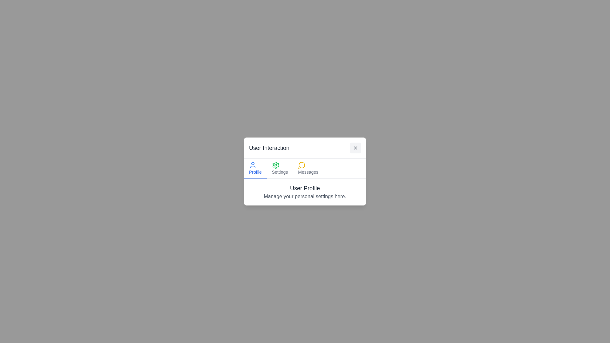  I want to click on the circular speech bubble icon button, which is styled in yellow and located above the 'Messages' label, positioned between the 'Settings' icon and the 'Messages' text in the user interface, so click(302, 165).